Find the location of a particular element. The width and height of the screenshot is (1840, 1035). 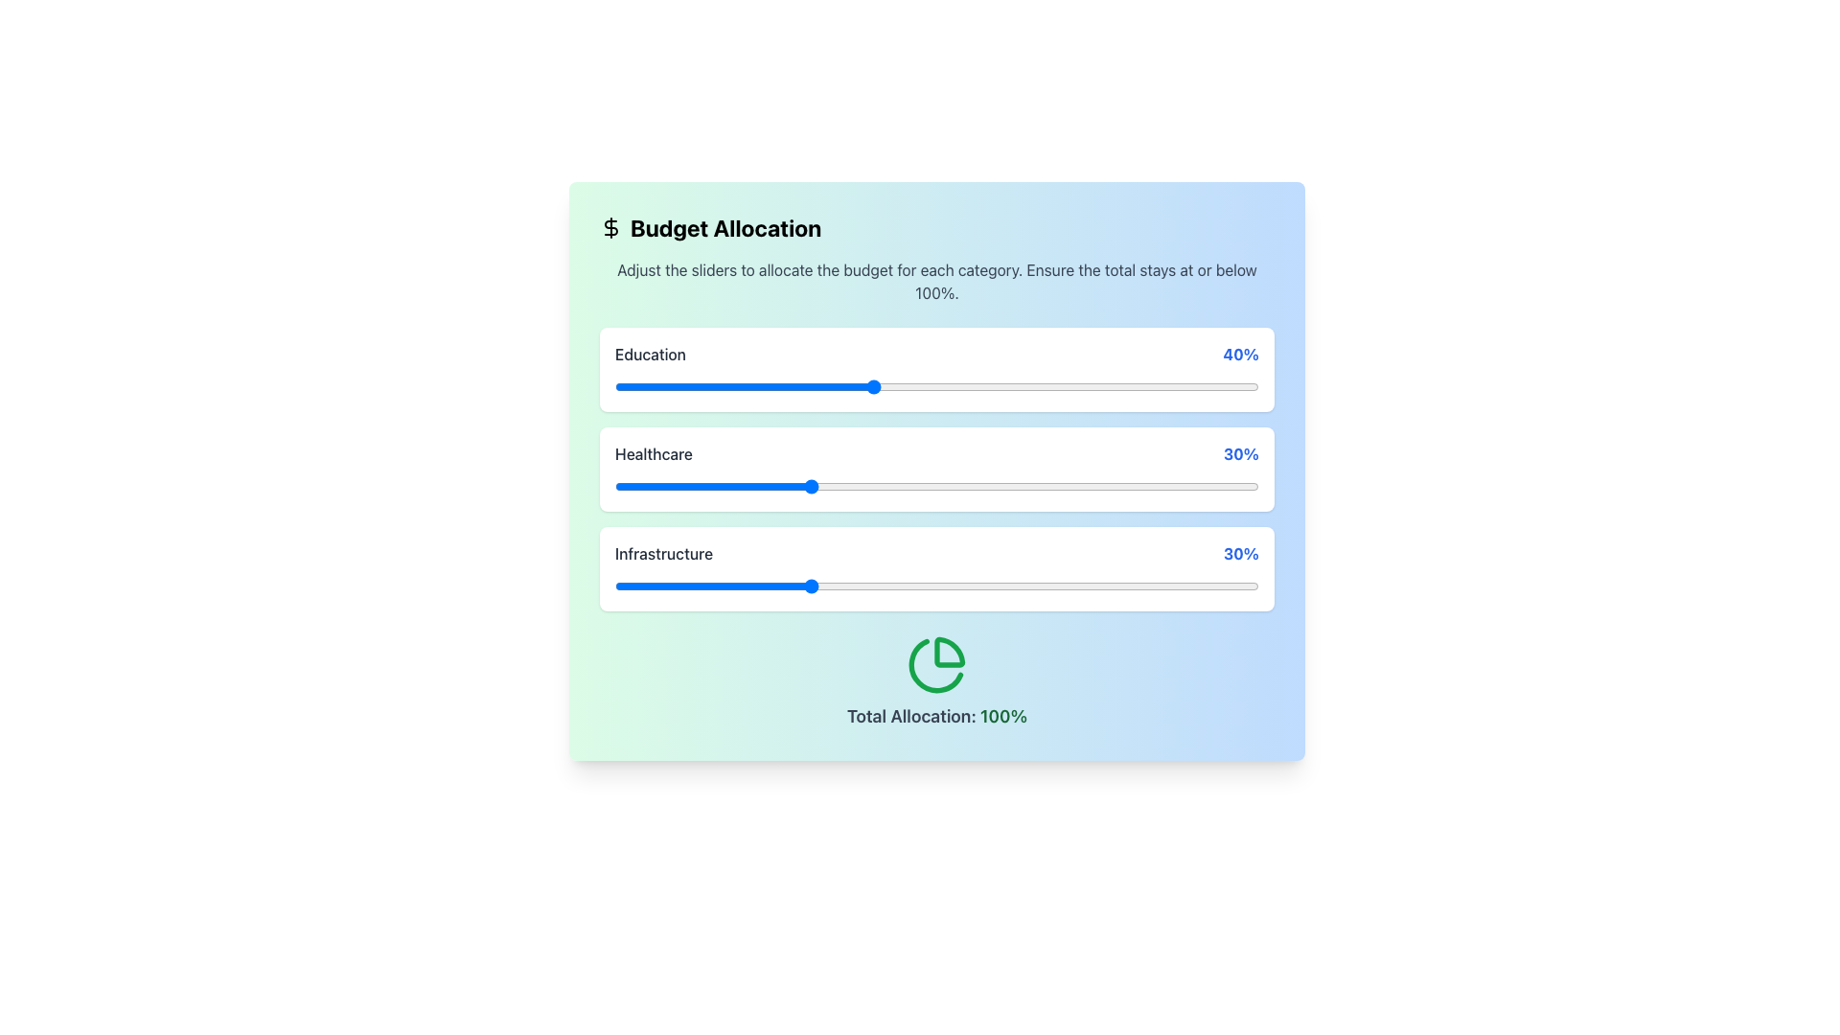

the Education allocation slider is located at coordinates (1227, 387).